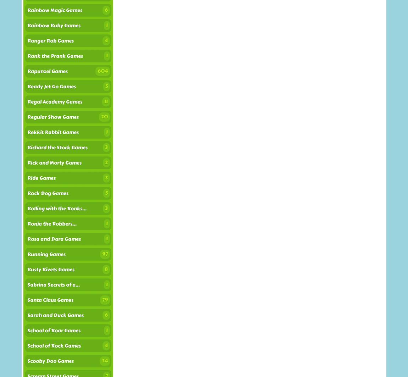  Describe the element at coordinates (106, 269) in the screenshot. I see `'8'` at that location.